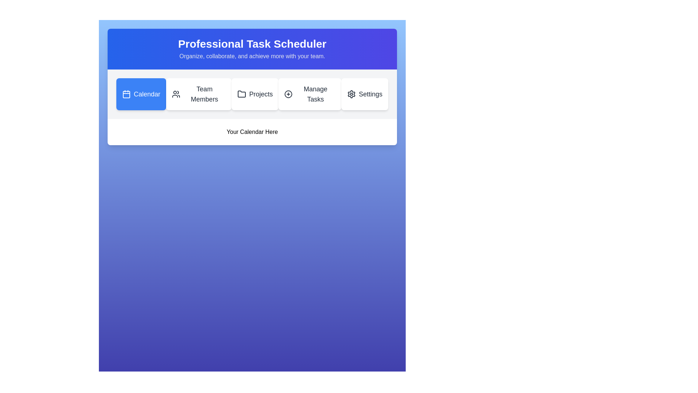 This screenshot has width=698, height=393. Describe the element at coordinates (199, 94) in the screenshot. I see `the 'Team Members' button, which has a white background and an icon of two user silhouettes` at that location.